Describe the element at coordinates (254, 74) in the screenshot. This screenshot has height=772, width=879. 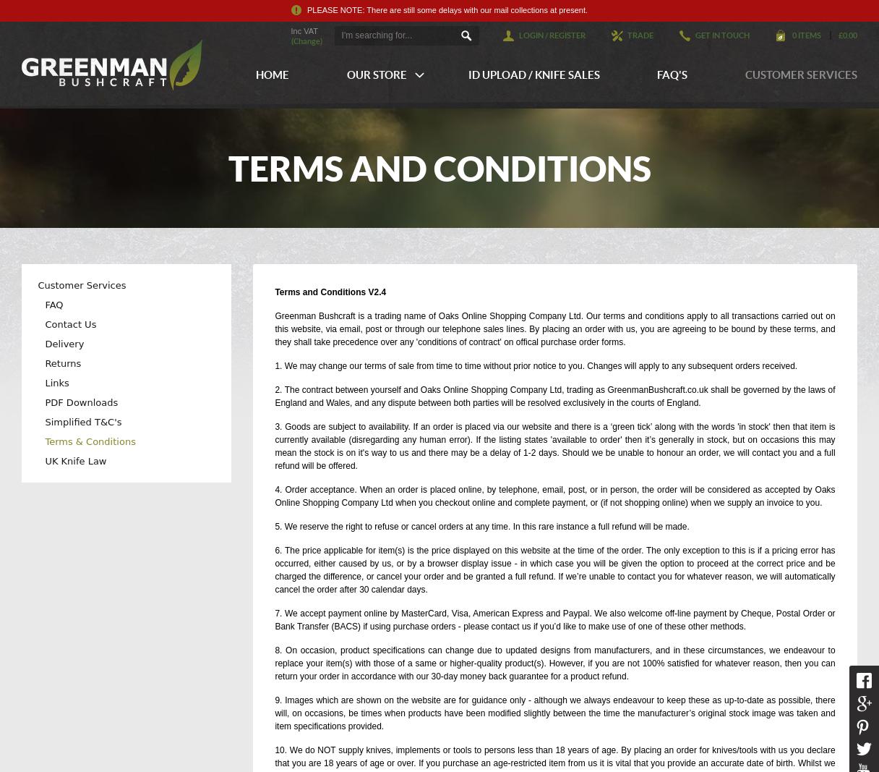
I see `'HOME'` at that location.